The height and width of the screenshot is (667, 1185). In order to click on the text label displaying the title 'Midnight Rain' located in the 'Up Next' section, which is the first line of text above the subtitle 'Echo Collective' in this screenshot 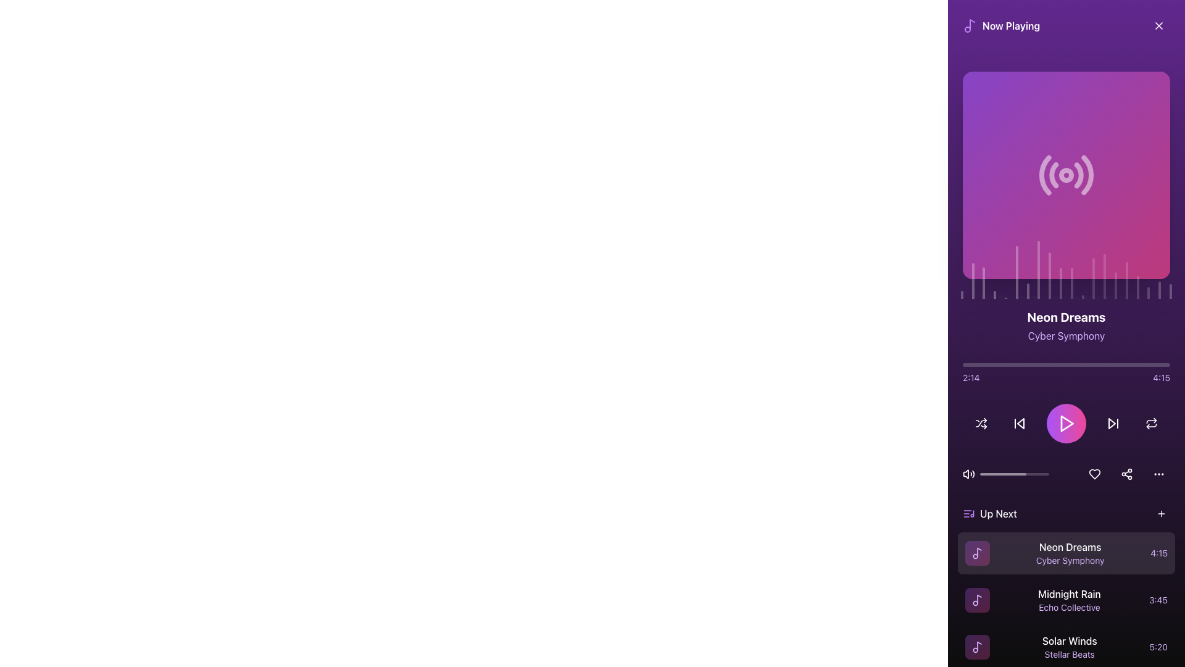, I will do `click(1068, 593)`.